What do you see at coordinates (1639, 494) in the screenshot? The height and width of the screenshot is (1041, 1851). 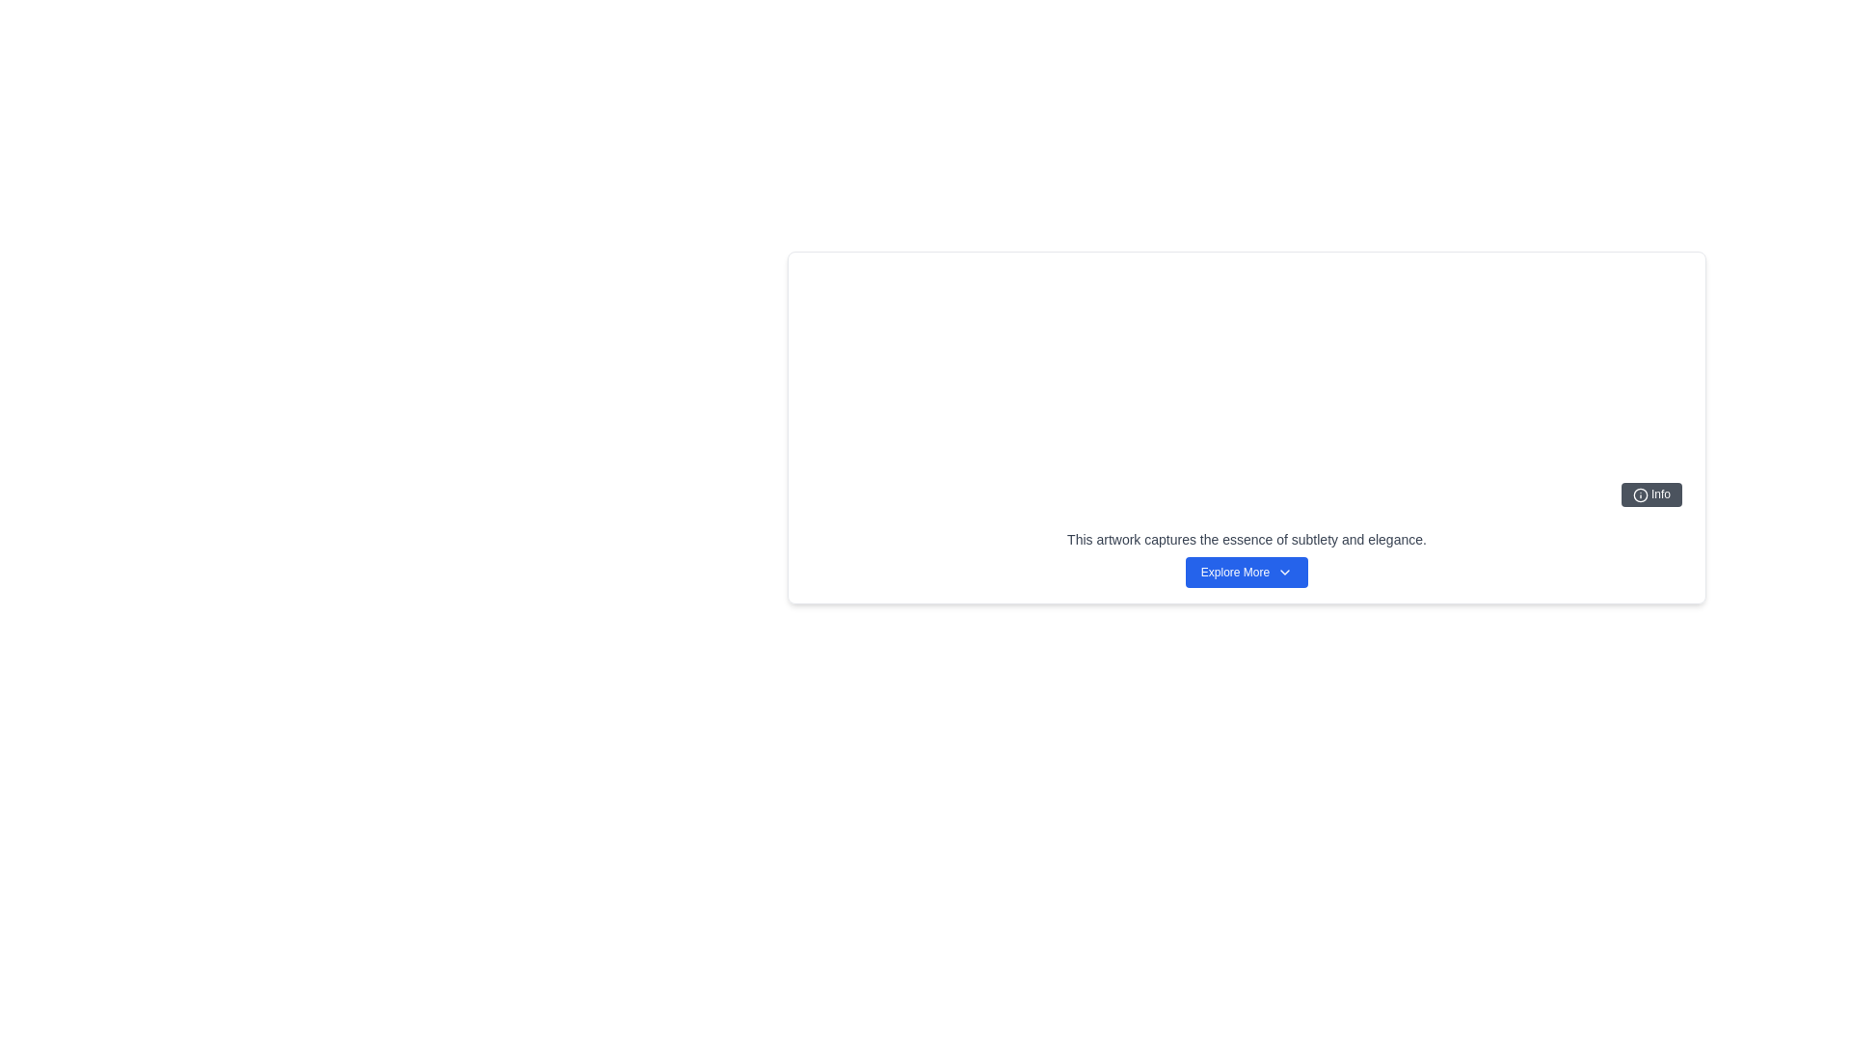 I see `the information icon located at the bottom-right corner of the 'Info' button` at bounding box center [1639, 494].